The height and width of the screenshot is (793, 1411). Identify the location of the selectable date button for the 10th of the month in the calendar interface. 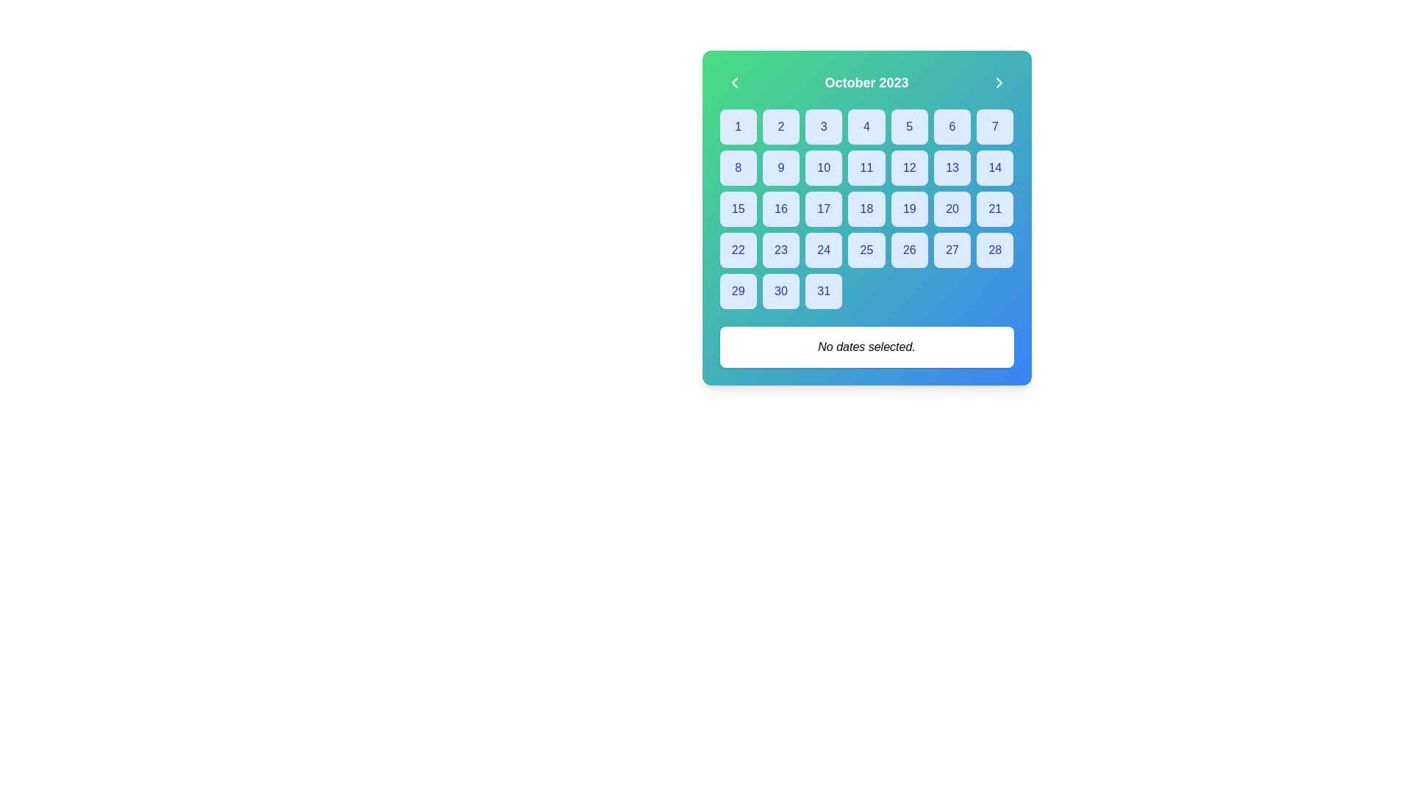
(824, 167).